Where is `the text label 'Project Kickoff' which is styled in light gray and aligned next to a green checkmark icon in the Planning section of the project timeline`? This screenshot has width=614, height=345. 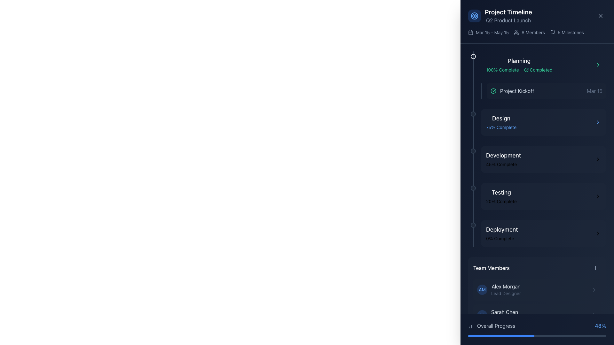 the text label 'Project Kickoff' which is styled in light gray and aligned next to a green checkmark icon in the Planning section of the project timeline is located at coordinates (517, 91).